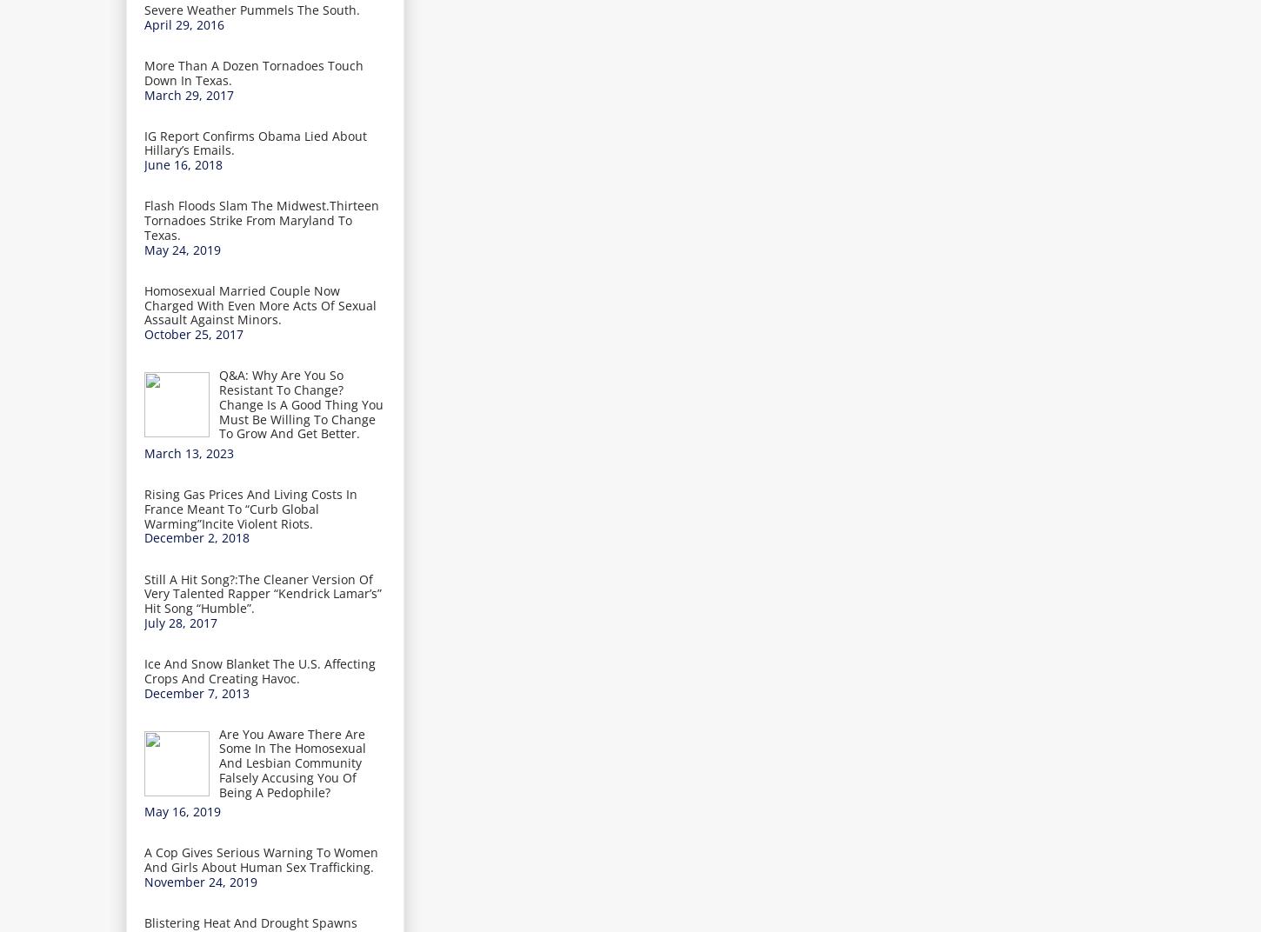  I want to click on 'July 28, 2017', so click(179, 621).